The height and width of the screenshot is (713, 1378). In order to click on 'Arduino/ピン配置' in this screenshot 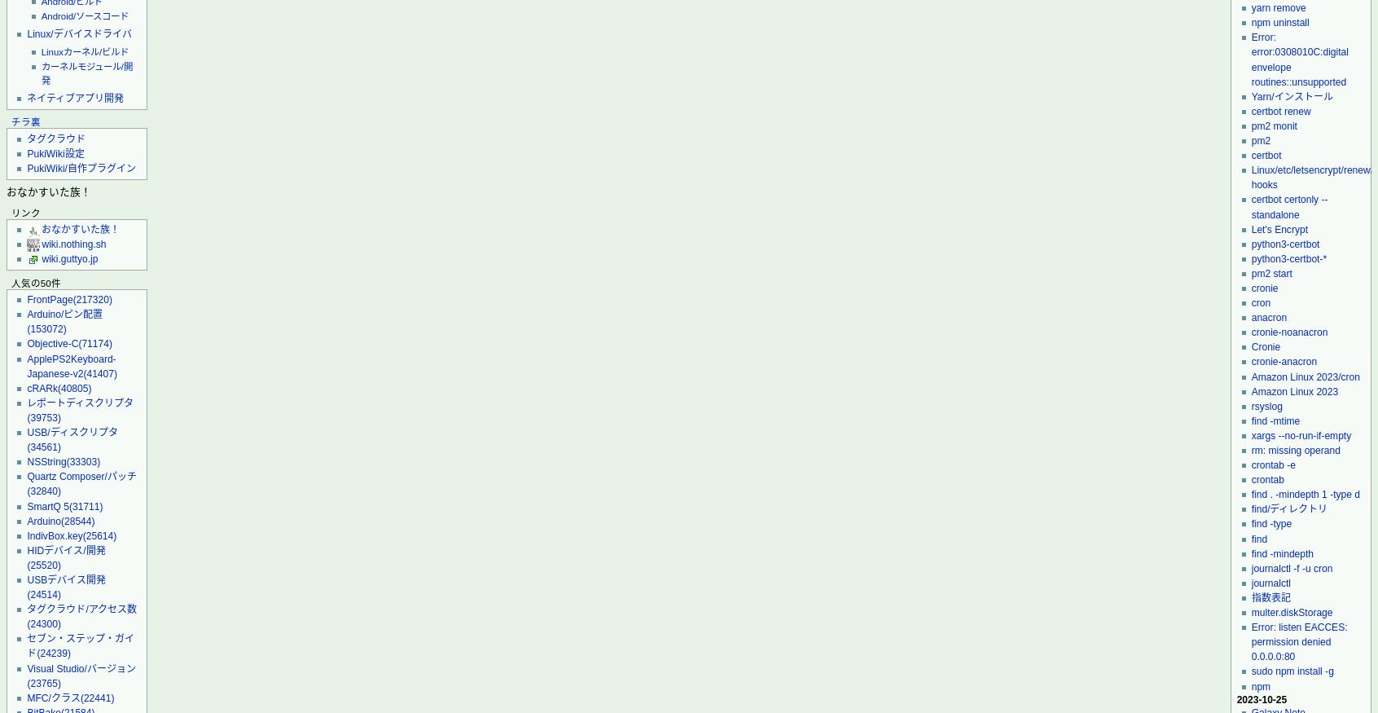, I will do `click(64, 313)`.